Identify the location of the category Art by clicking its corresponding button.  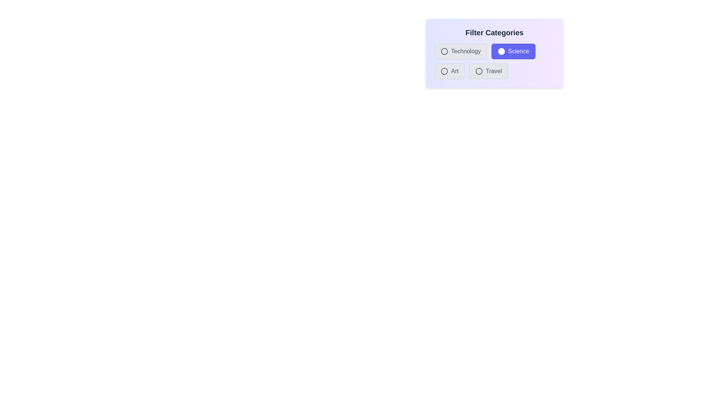
(449, 71).